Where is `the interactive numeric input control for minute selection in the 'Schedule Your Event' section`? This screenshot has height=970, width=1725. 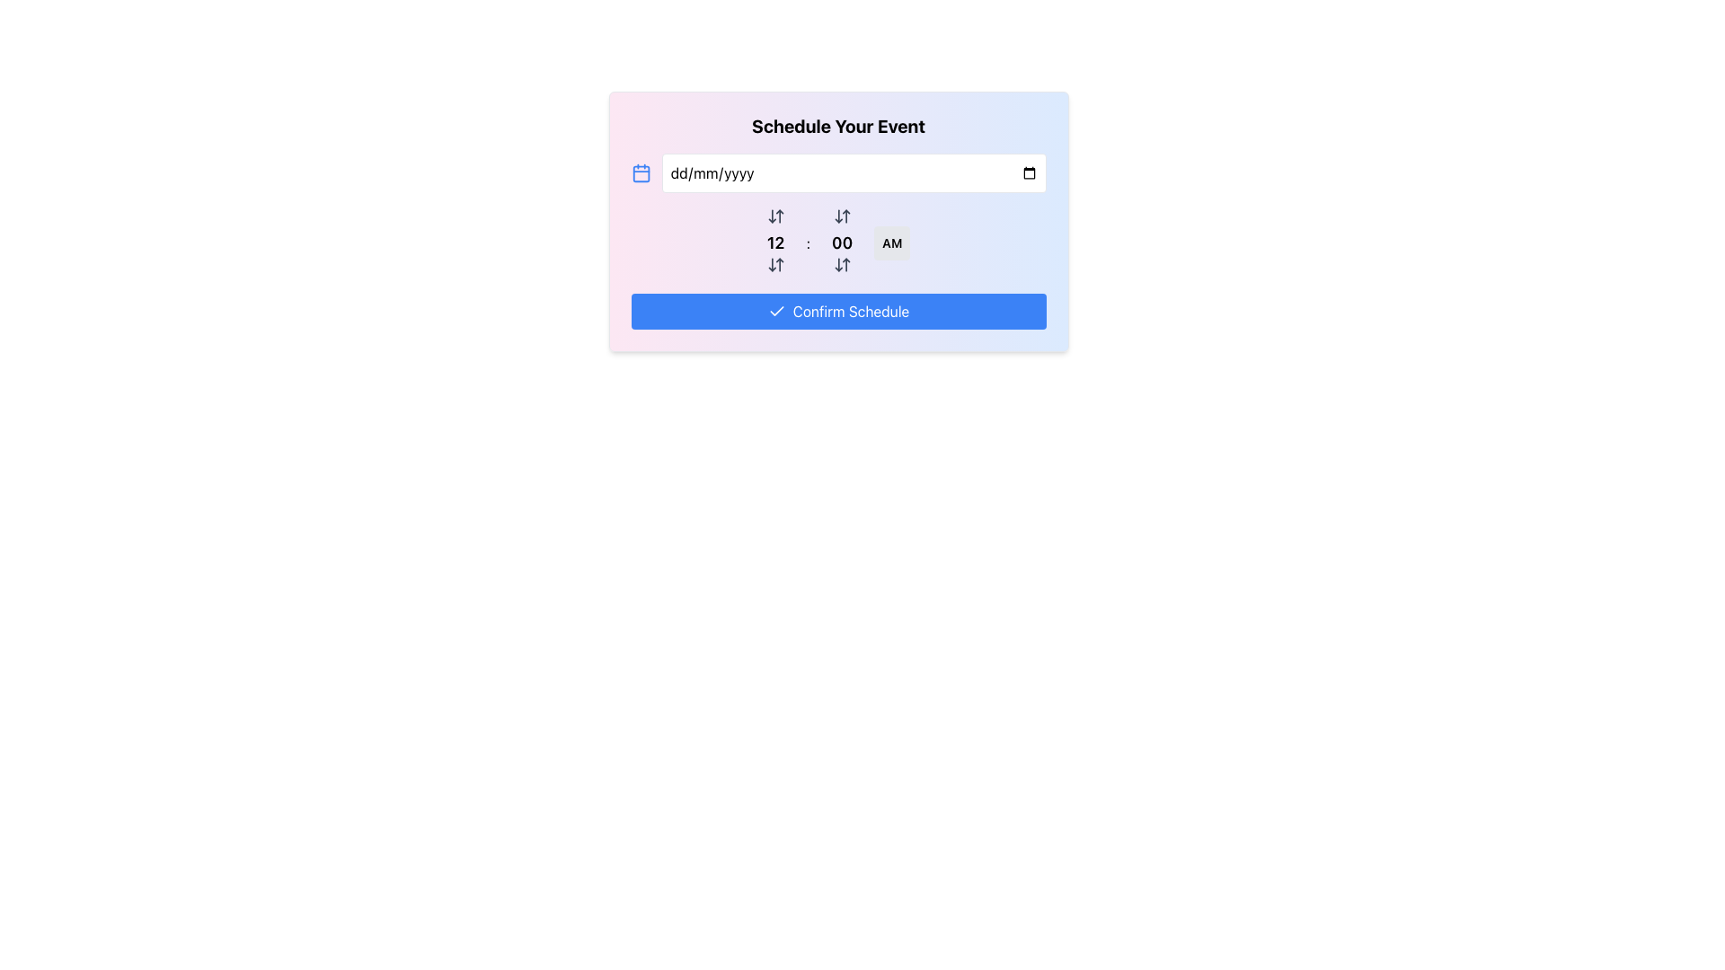
the interactive numeric input control for minute selection in the 'Schedule Your Event' section is located at coordinates (837, 242).